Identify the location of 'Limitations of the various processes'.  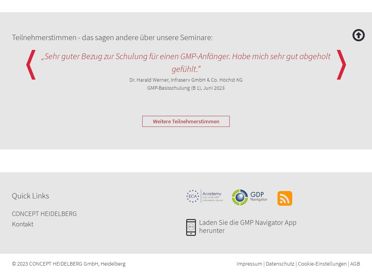
(57, 9).